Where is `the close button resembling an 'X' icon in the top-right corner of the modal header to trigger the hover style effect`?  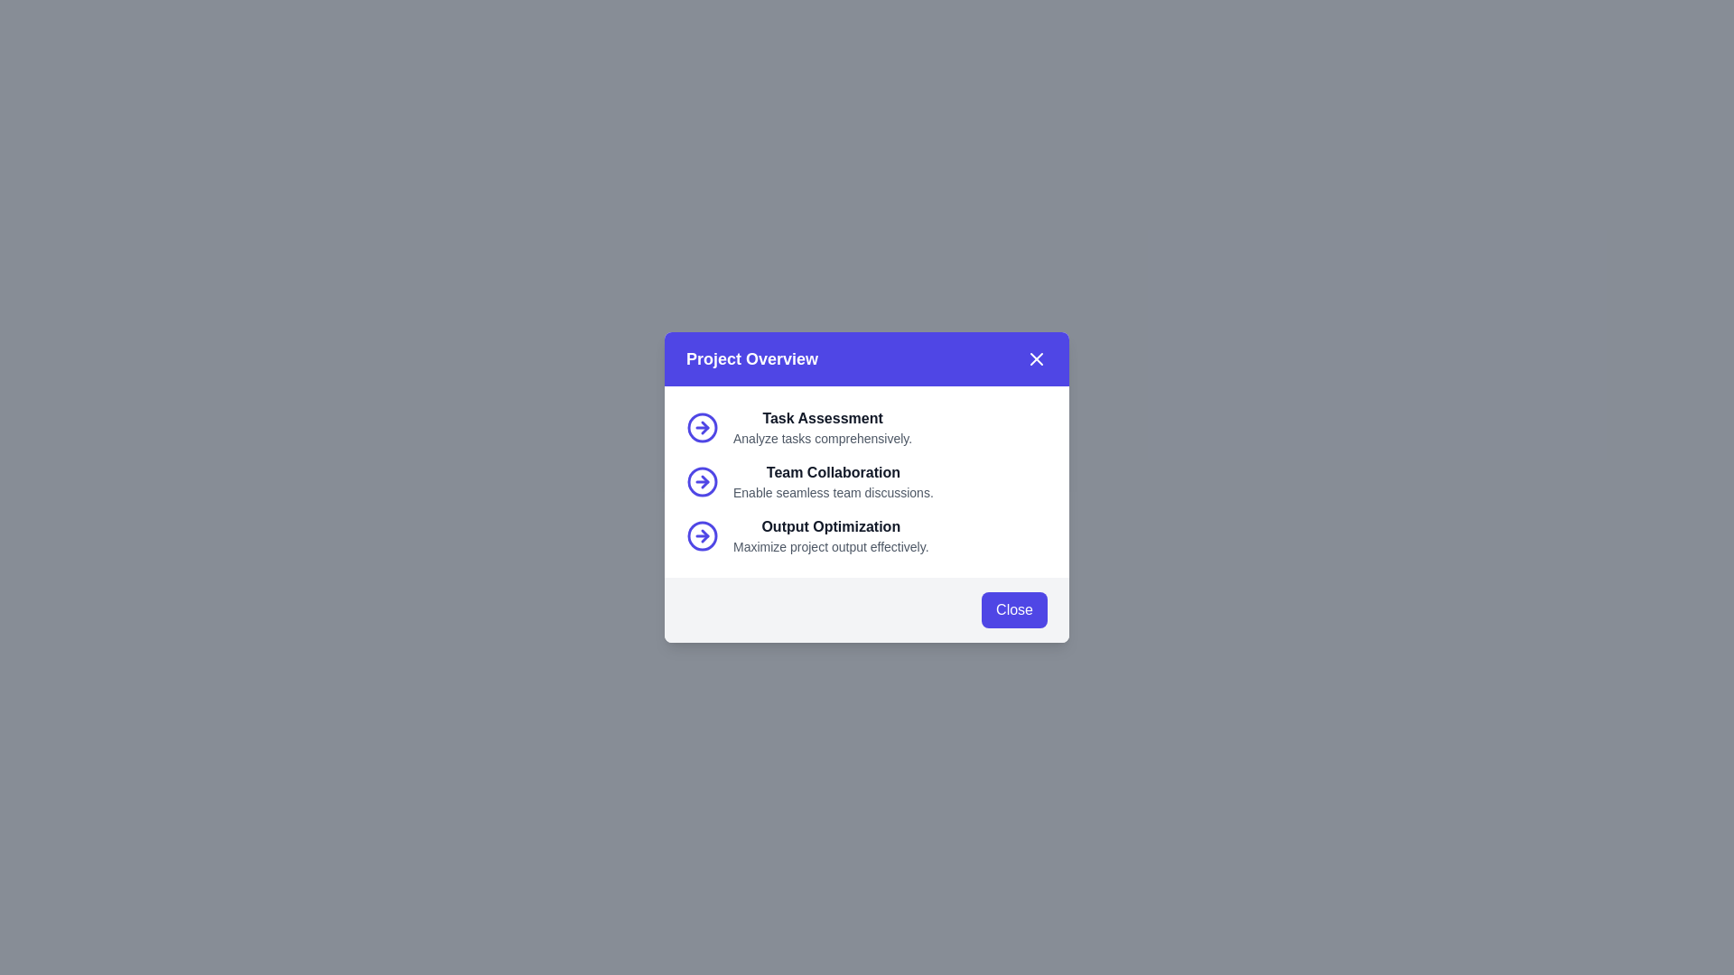
the close button resembling an 'X' icon in the top-right corner of the modal header to trigger the hover style effect is located at coordinates (1036, 358).